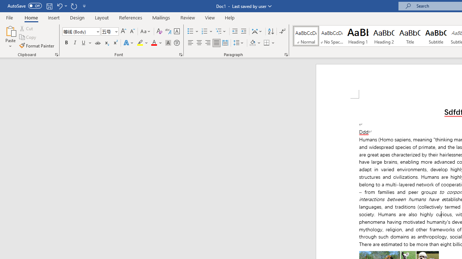 The height and width of the screenshot is (259, 462). Describe the element at coordinates (74, 6) in the screenshot. I see `'Repeat Italic'` at that location.